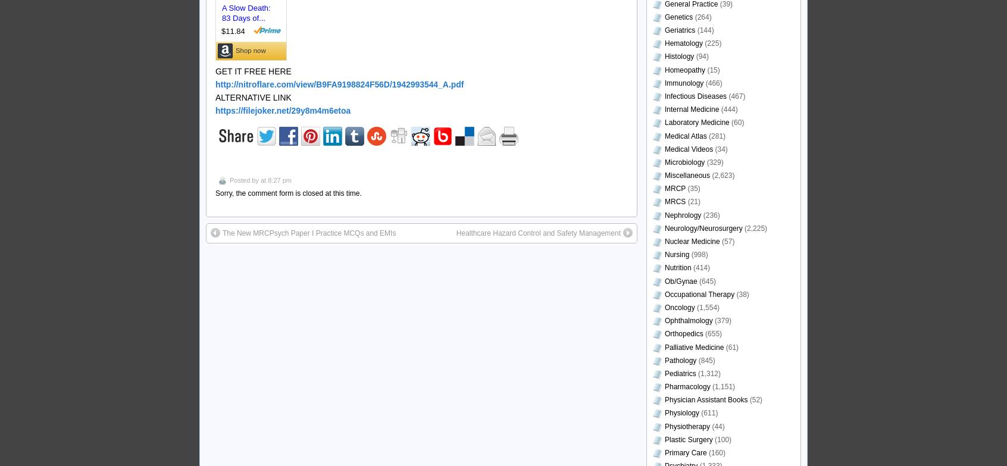 This screenshot has width=1007, height=466. What do you see at coordinates (339, 84) in the screenshot?
I see `'http://nitroflare.com/view/B9FA9198824F56D/1942993544_A.pdf'` at bounding box center [339, 84].